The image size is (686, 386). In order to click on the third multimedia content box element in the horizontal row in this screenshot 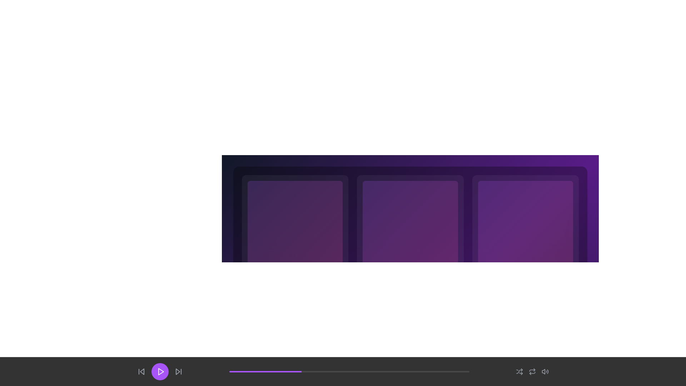, I will do `click(525, 228)`.